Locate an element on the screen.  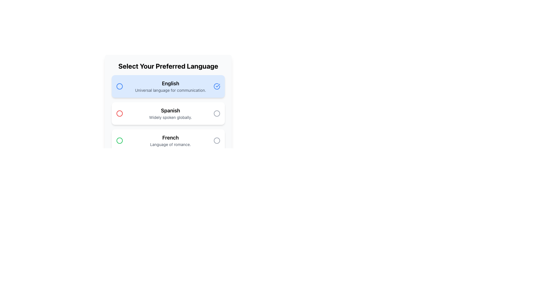
the unselected indicator icon for the 'French' option is located at coordinates (119, 140).